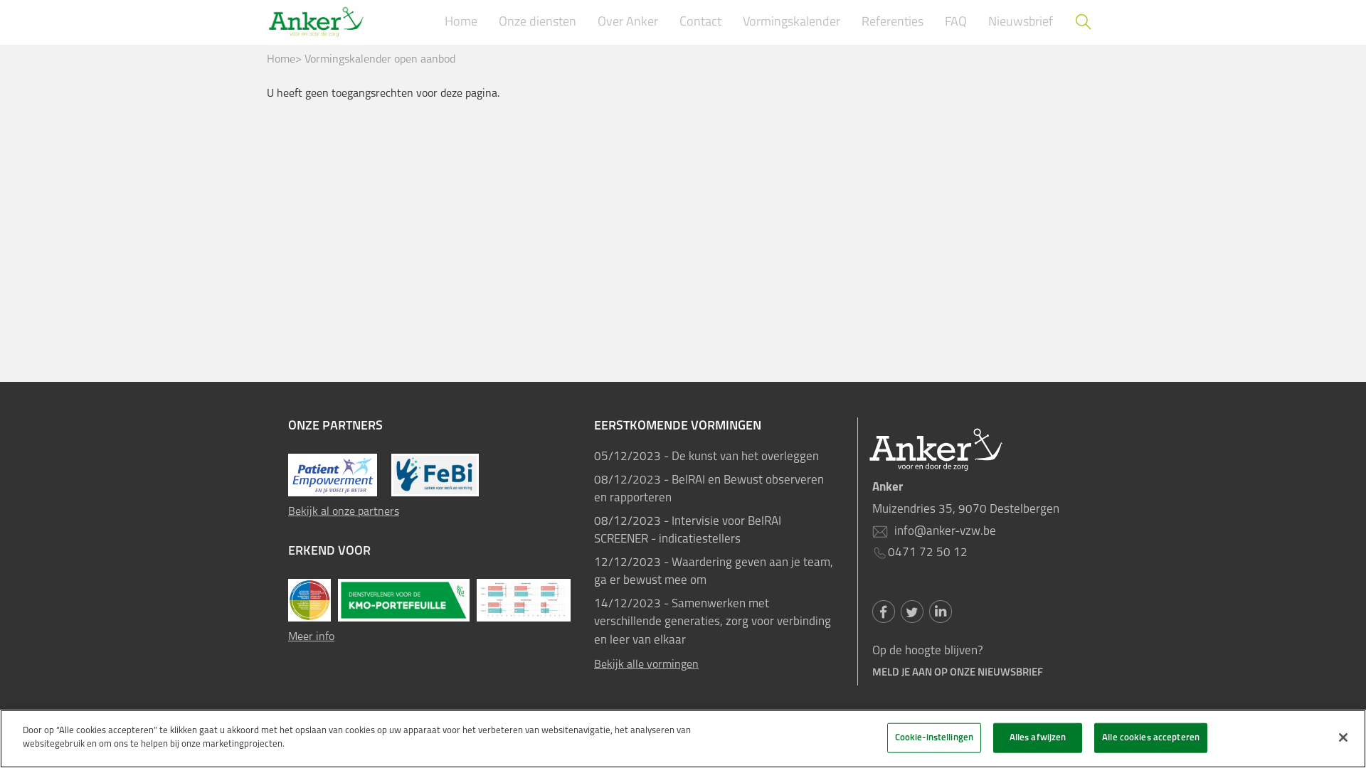  What do you see at coordinates (934, 737) in the screenshot?
I see `'Cookie-instellingen'` at bounding box center [934, 737].